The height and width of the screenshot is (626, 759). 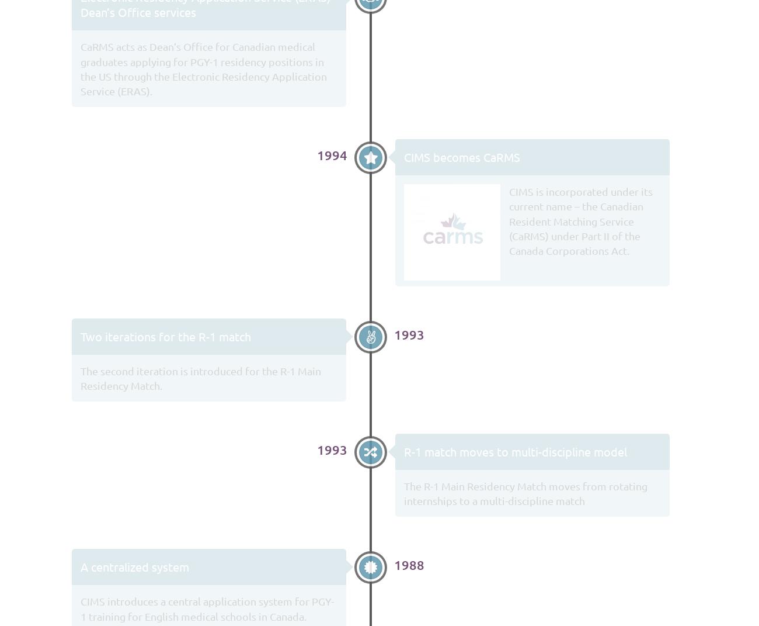 What do you see at coordinates (134, 566) in the screenshot?
I see `'A centralized system'` at bounding box center [134, 566].